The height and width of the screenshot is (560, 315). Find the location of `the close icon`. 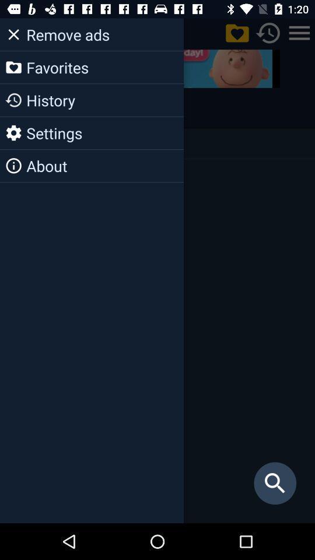

the close icon is located at coordinates (15, 32).